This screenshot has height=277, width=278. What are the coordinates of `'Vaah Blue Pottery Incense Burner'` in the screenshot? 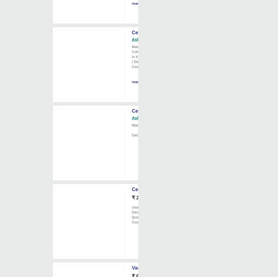 It's located at (172, 268).